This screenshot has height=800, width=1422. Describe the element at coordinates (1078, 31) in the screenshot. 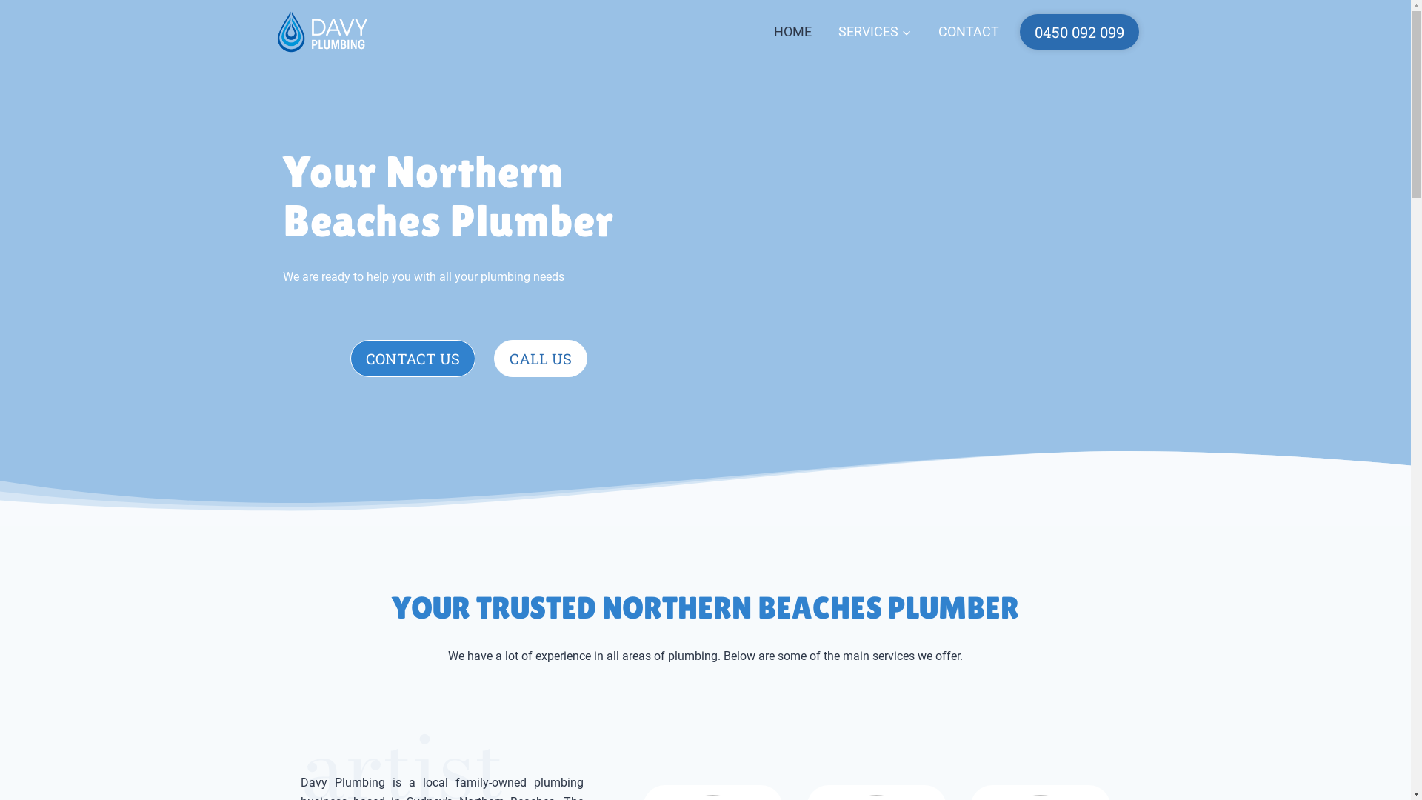

I see `'0450 092 099'` at that location.